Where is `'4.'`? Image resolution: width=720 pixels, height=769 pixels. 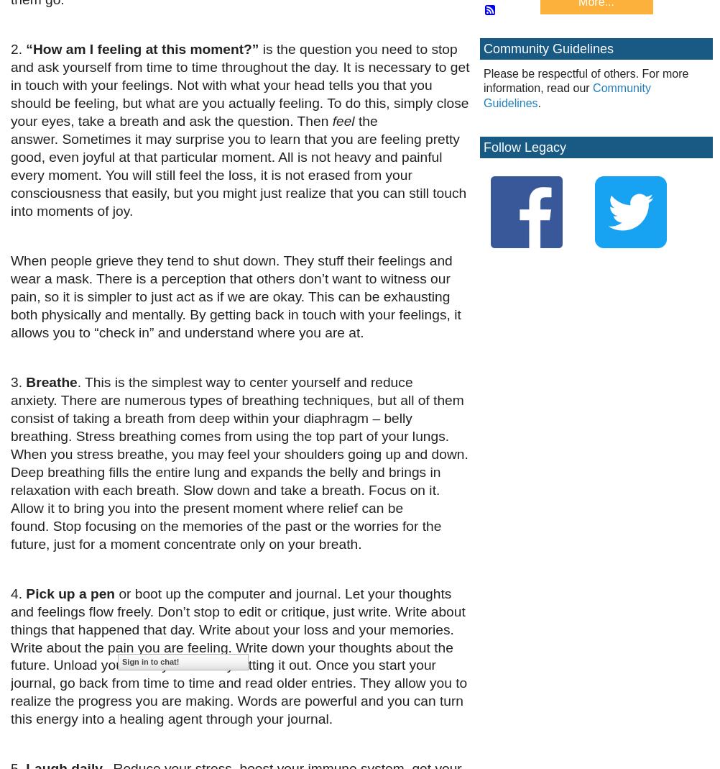
'4.' is located at coordinates (18, 593).